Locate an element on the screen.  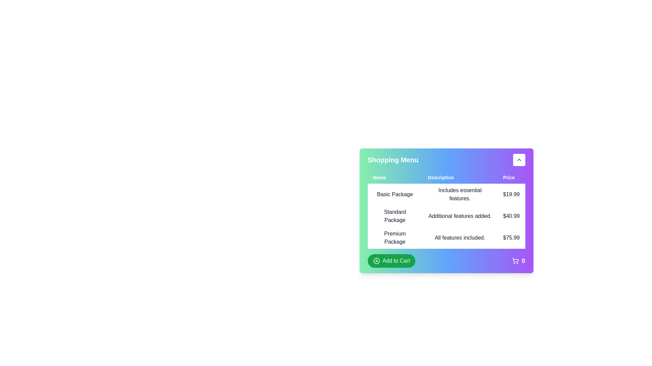
the second row of the table in the shopping menu, which contains the text 'Standard Package', 'Additional features added.', and '$40.99' is located at coordinates (446, 216).